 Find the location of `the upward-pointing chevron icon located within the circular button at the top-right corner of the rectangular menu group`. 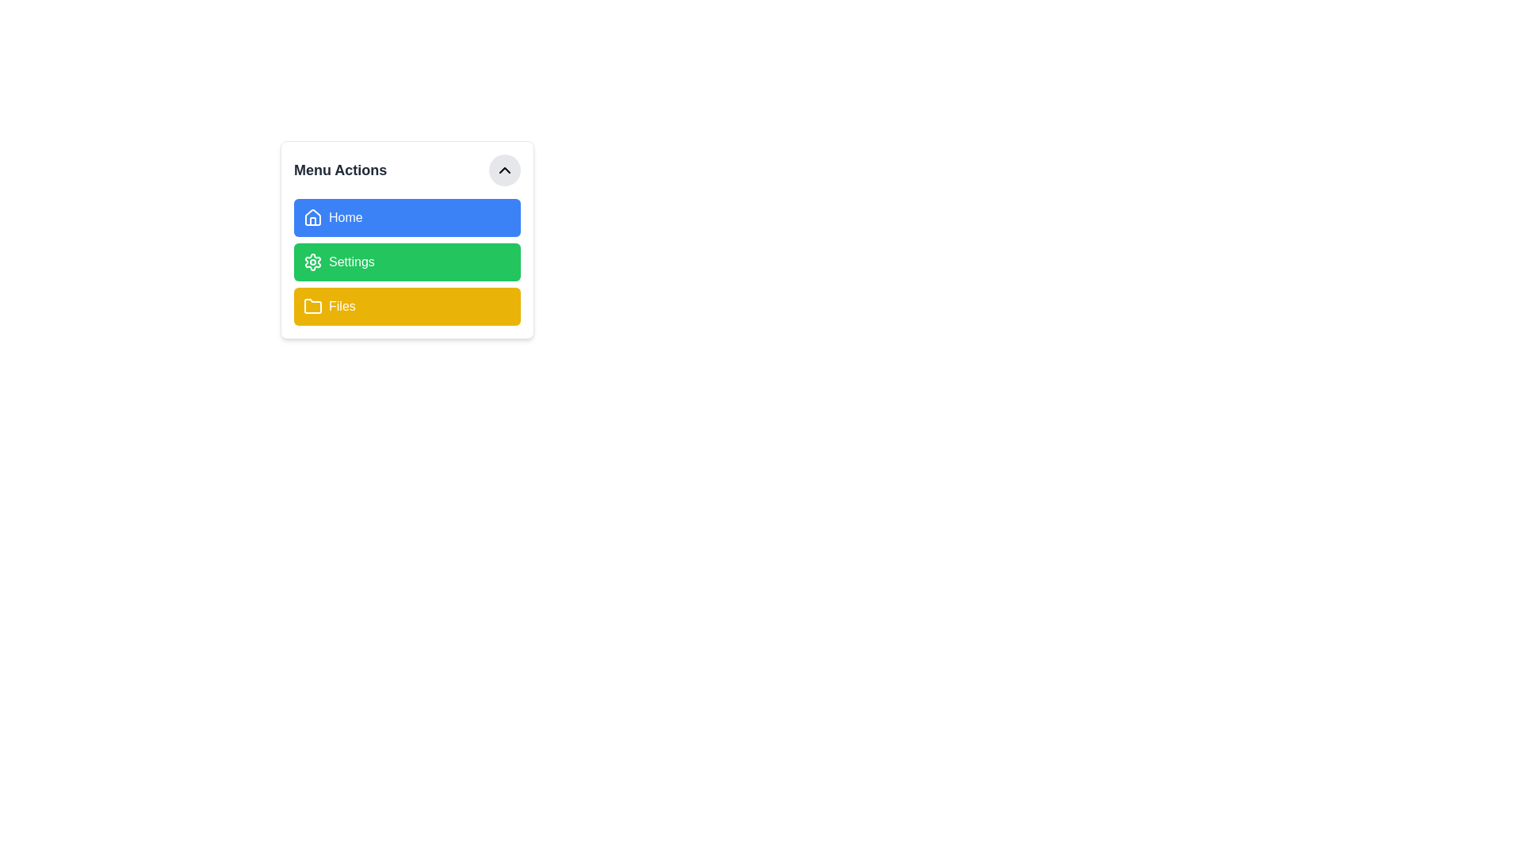

the upward-pointing chevron icon located within the circular button at the top-right corner of the rectangular menu group is located at coordinates (504, 170).